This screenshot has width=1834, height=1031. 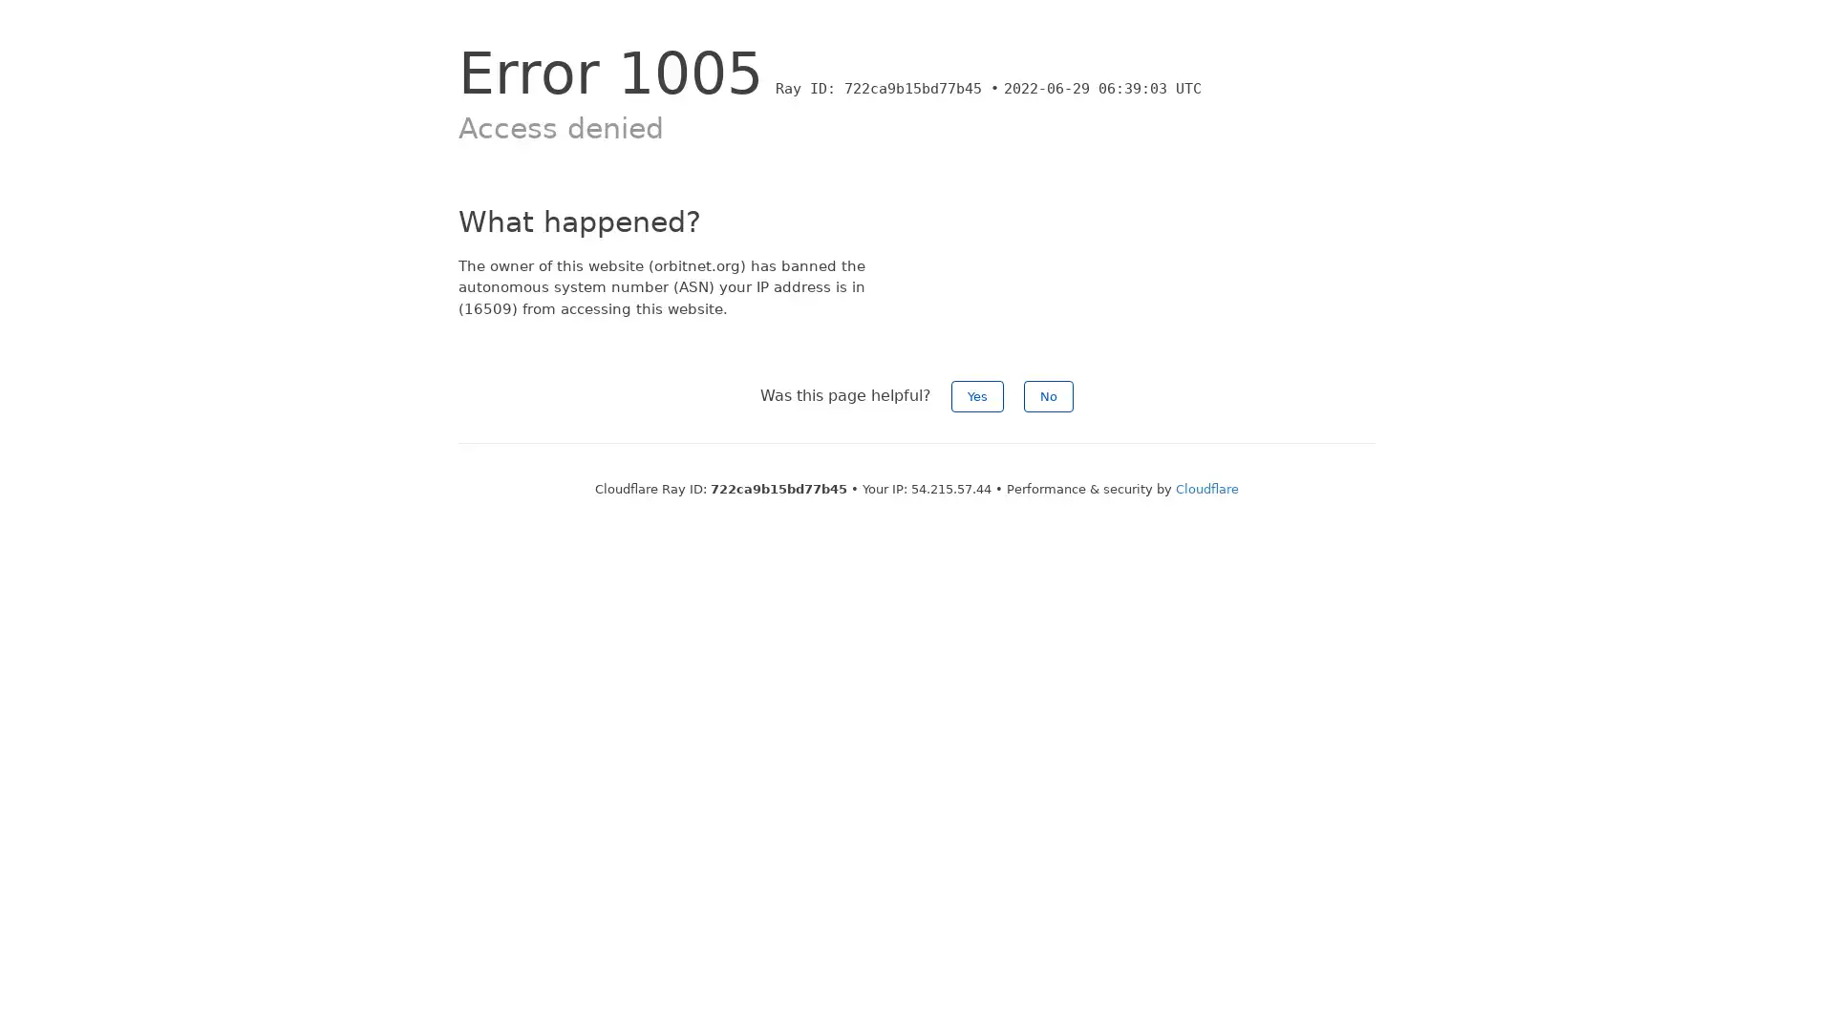 What do you see at coordinates (977, 395) in the screenshot?
I see `Yes` at bounding box center [977, 395].